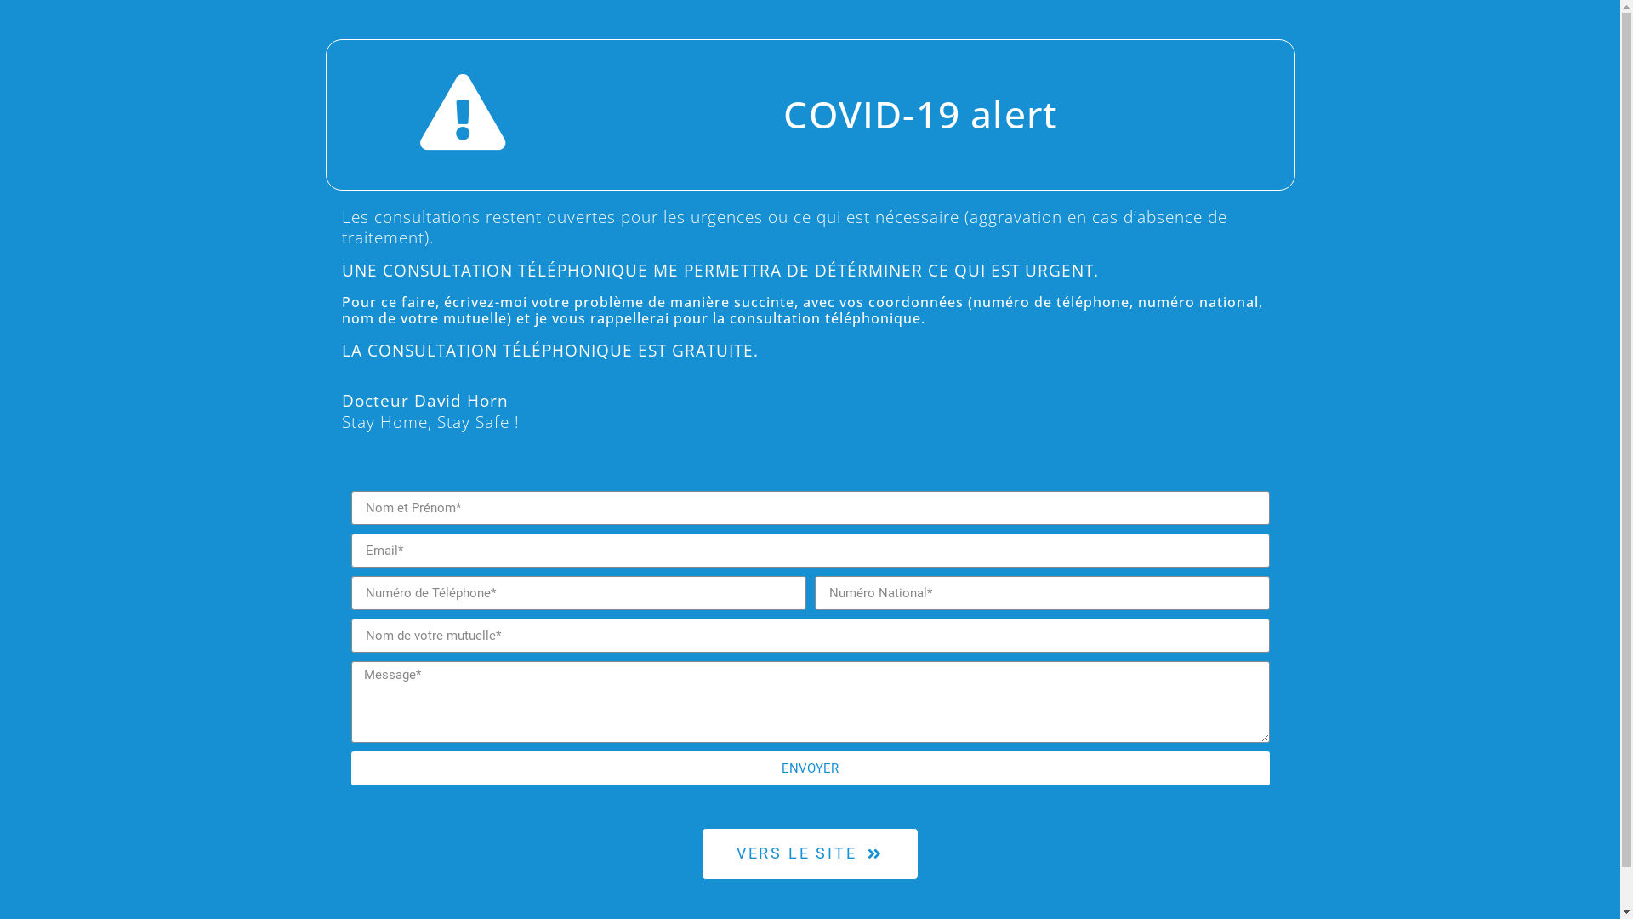 This screenshot has width=1633, height=919. Describe the element at coordinates (809, 853) in the screenshot. I see `'VERS LE SITE'` at that location.